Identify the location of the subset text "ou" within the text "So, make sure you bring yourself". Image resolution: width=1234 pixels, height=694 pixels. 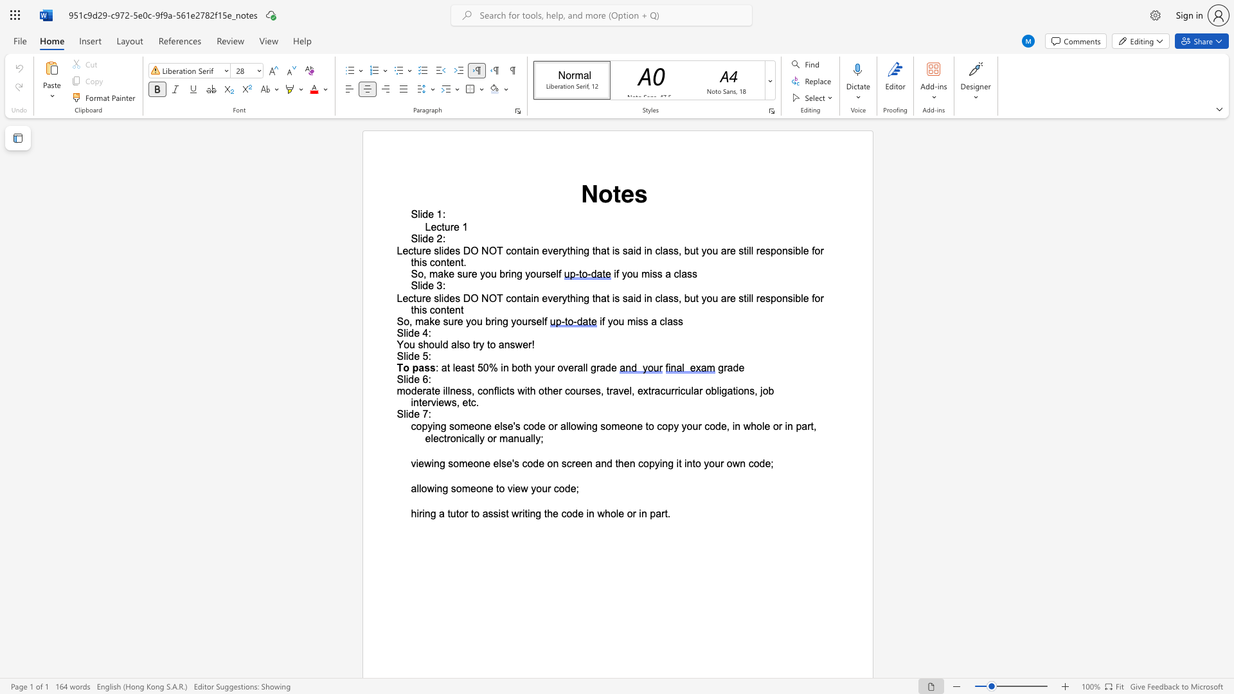
(530, 273).